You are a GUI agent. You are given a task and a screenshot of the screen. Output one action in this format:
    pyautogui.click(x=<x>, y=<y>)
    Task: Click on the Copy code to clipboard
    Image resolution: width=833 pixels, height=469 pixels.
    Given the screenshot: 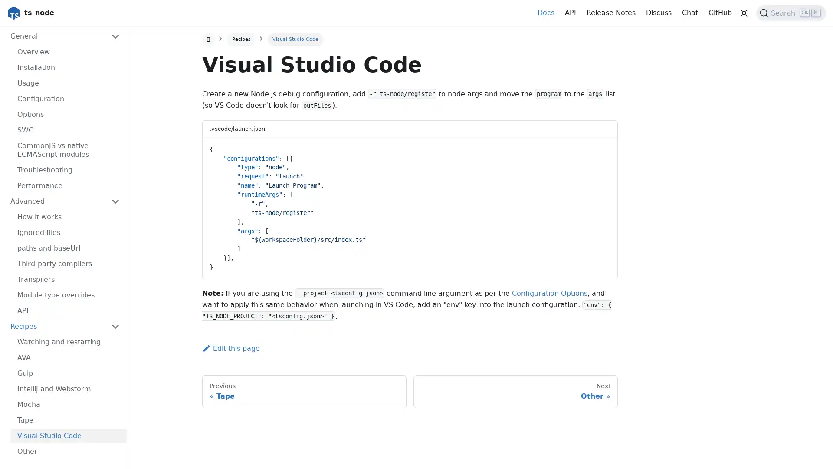 What is the action you would take?
    pyautogui.click(x=603, y=147)
    